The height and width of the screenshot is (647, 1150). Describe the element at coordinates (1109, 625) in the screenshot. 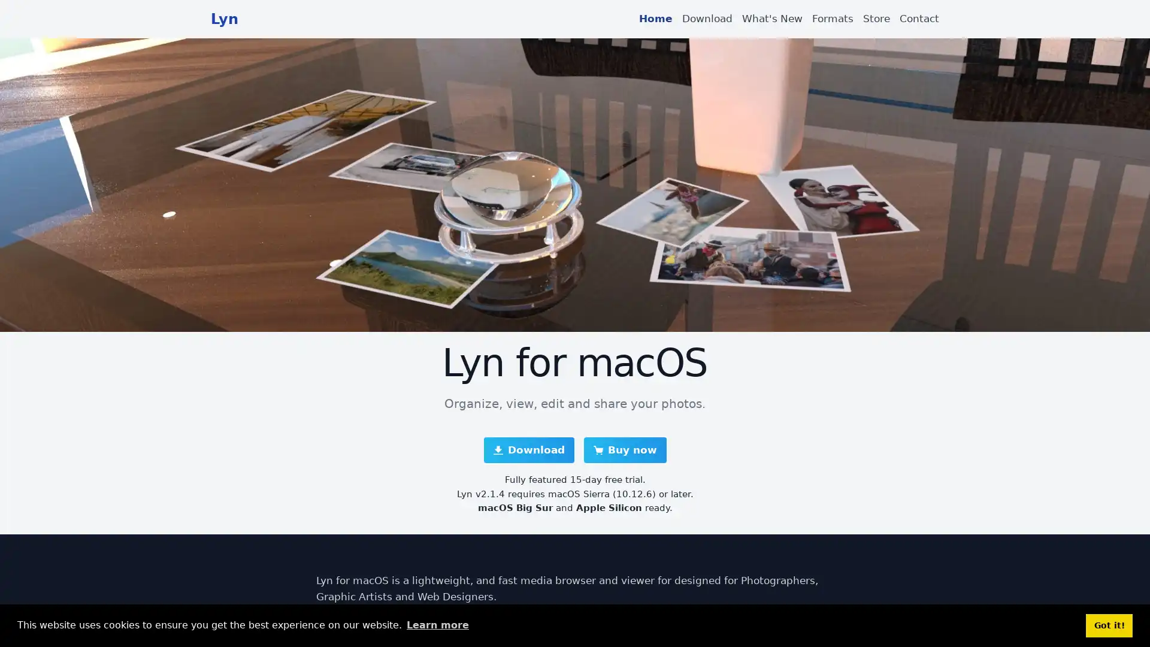

I see `dismiss cookie message` at that location.